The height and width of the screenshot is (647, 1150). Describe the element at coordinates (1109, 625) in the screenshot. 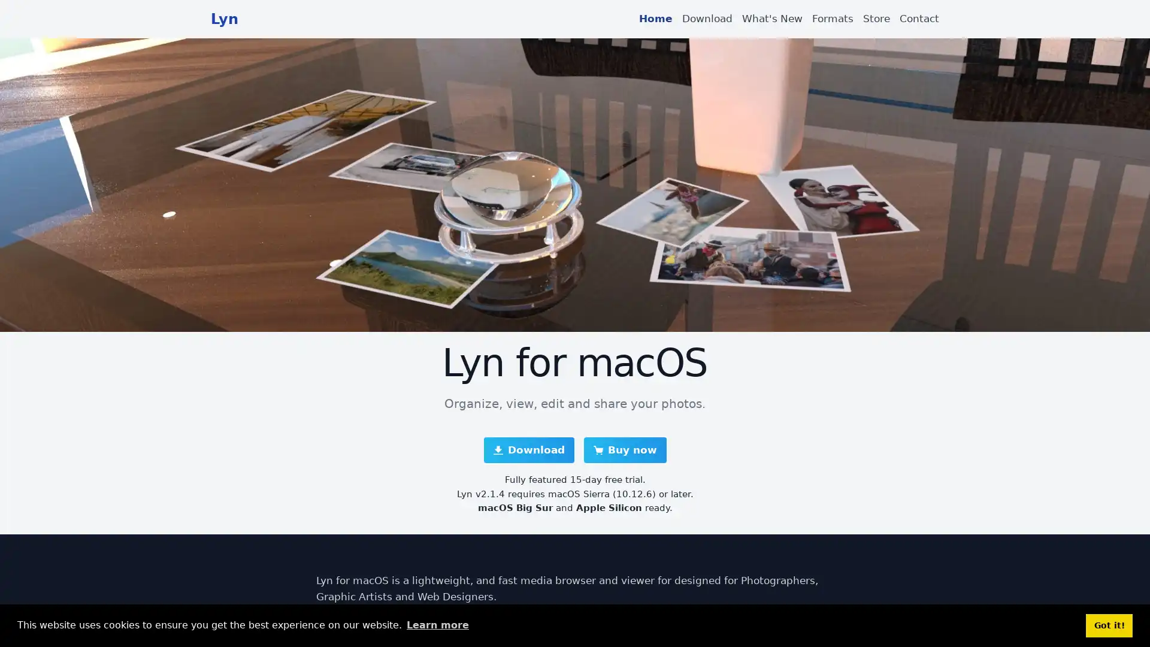

I see `dismiss cookie message` at that location.